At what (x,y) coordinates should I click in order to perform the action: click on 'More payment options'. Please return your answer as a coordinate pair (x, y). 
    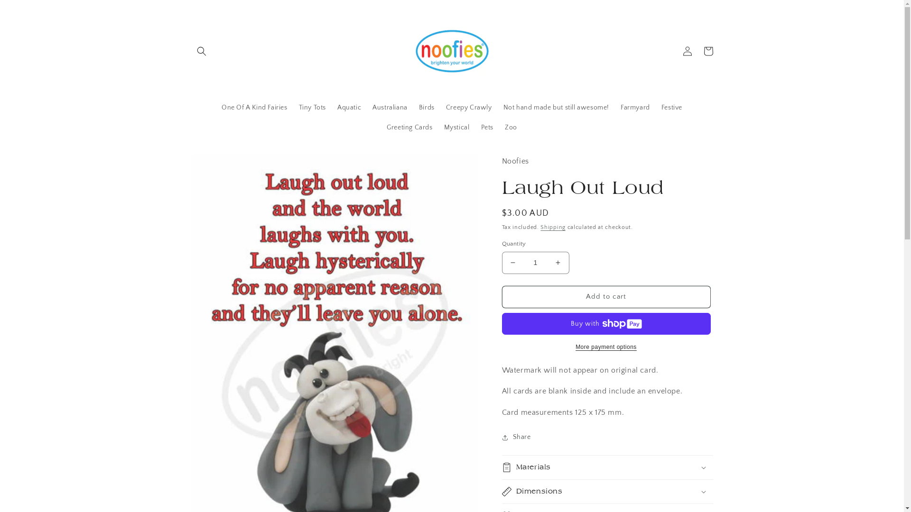
    Looking at the image, I should click on (605, 347).